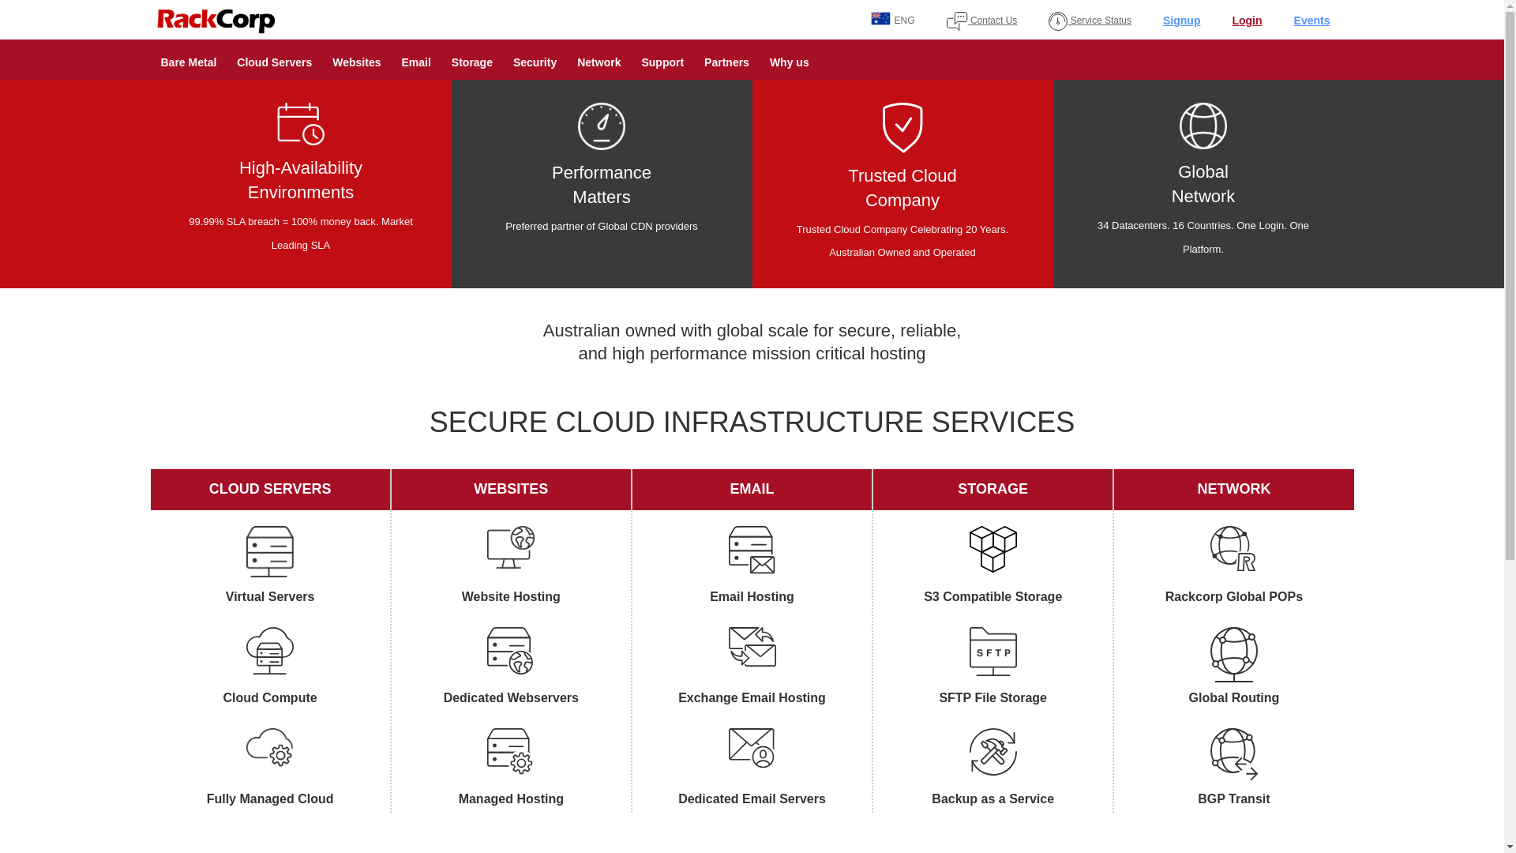 The width and height of the screenshot is (1516, 853). I want to click on 'Global Routing', so click(1233, 666).